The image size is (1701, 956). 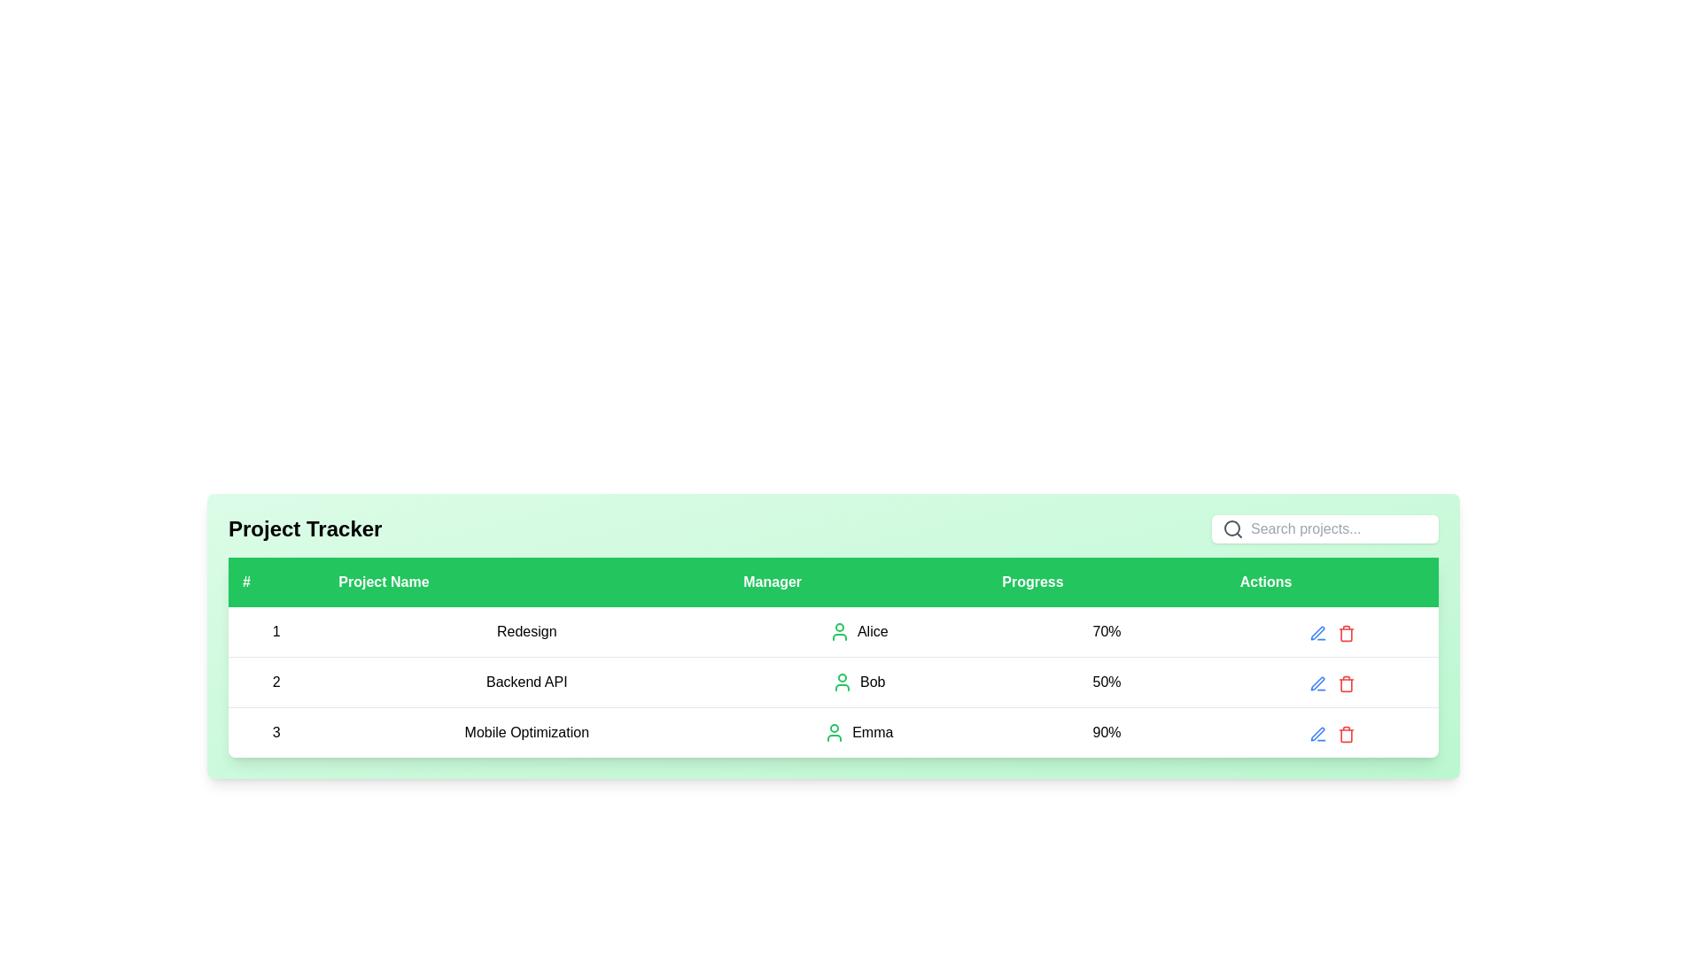 I want to click on the delete button represented by the red trash can SVG icon in the Actions column of the table row for the project 'Mobile Optimization', so click(x=1346, y=634).